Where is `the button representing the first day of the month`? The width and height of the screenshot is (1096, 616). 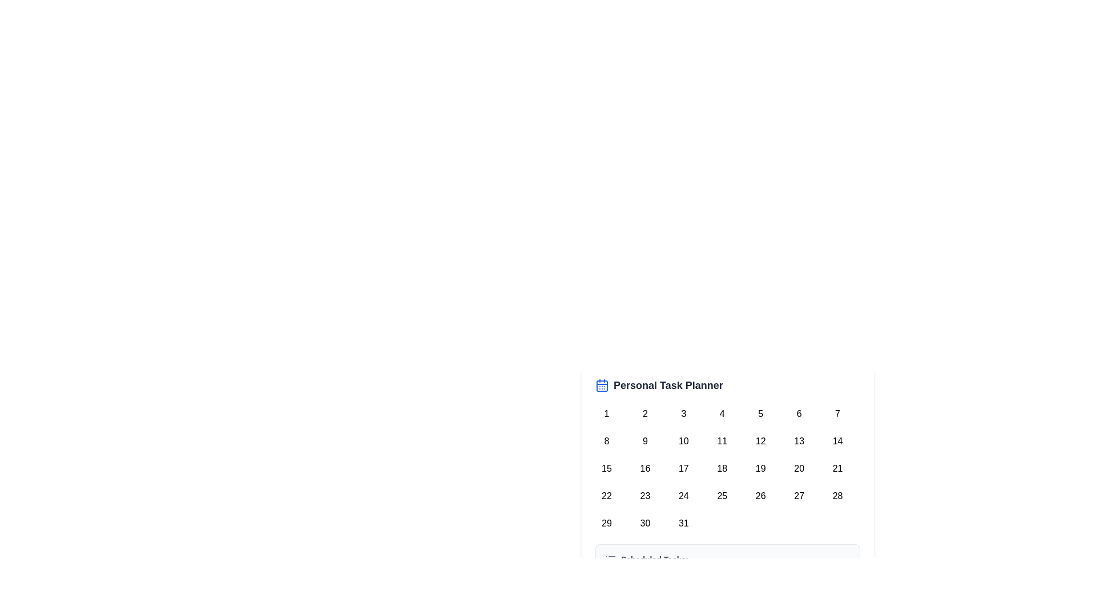
the button representing the first day of the month is located at coordinates (606, 414).